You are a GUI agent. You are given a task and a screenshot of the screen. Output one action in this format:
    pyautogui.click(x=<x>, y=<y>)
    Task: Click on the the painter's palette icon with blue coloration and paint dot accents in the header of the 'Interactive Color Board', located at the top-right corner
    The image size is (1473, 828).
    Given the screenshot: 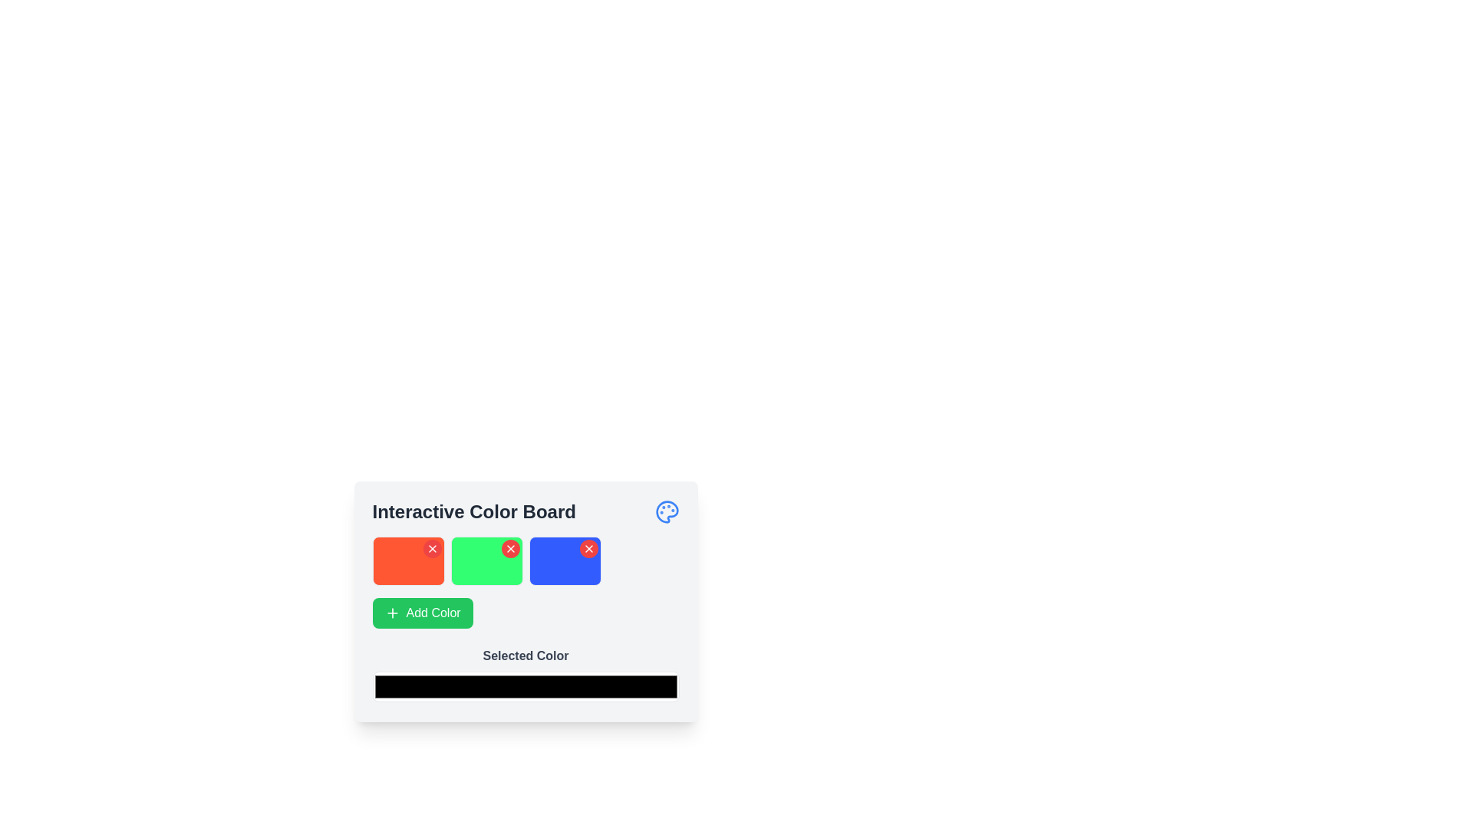 What is the action you would take?
    pyautogui.click(x=667, y=511)
    